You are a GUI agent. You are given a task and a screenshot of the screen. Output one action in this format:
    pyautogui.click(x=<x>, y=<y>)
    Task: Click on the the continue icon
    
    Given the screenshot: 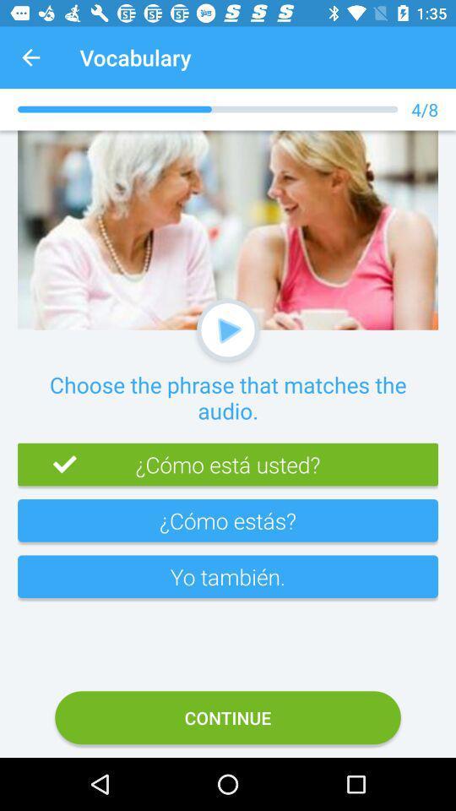 What is the action you would take?
    pyautogui.click(x=228, y=716)
    